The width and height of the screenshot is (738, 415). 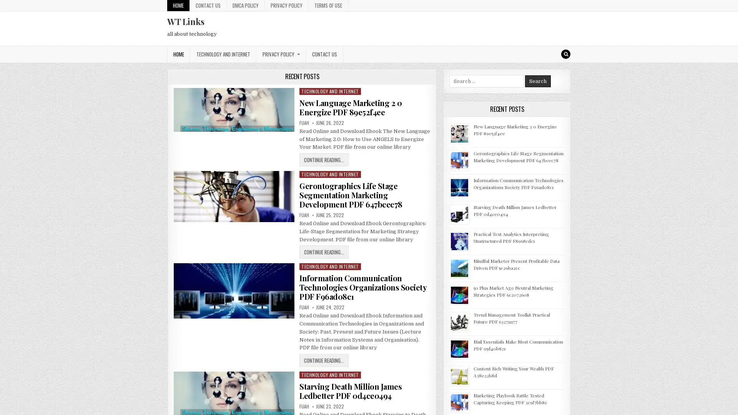 What do you see at coordinates (537, 81) in the screenshot?
I see `Search` at bounding box center [537, 81].